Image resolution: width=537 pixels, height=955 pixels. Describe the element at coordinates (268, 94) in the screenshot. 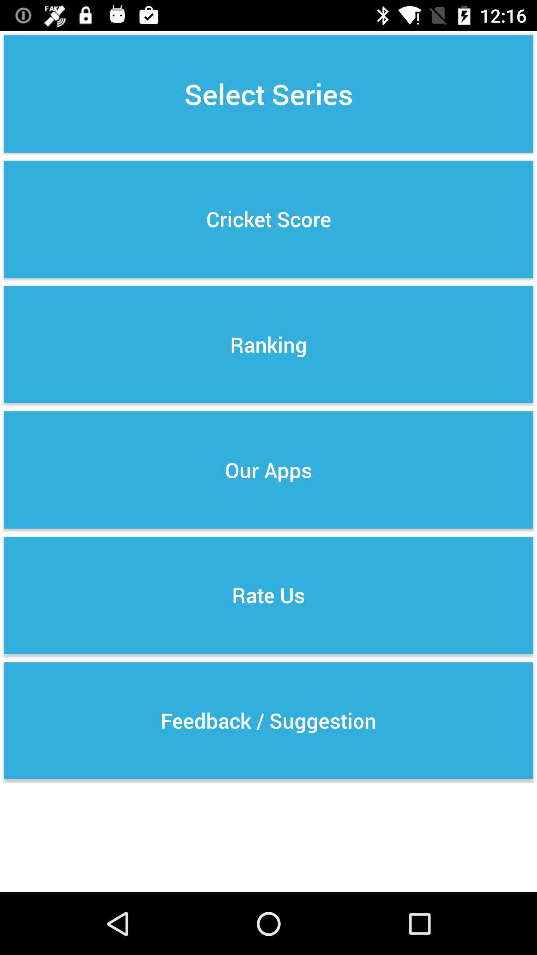

I see `select series` at that location.